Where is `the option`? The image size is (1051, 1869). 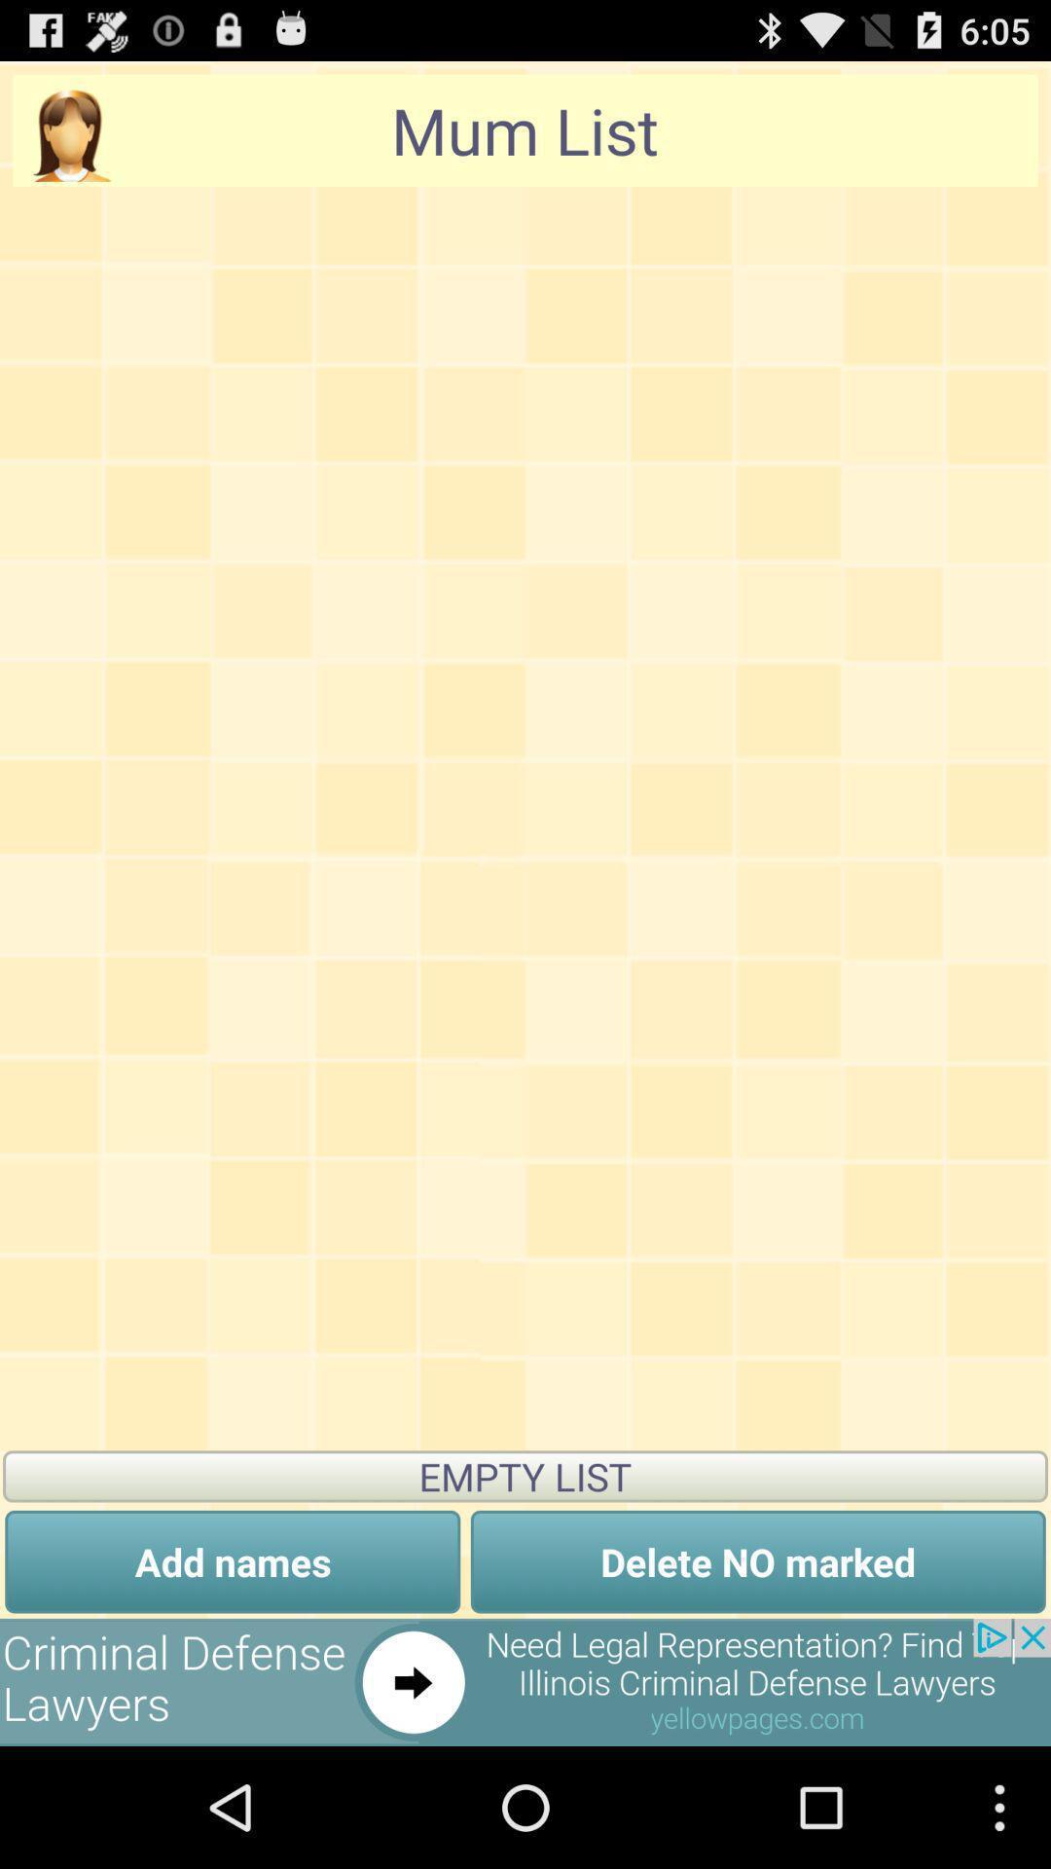
the option is located at coordinates (525, 1681).